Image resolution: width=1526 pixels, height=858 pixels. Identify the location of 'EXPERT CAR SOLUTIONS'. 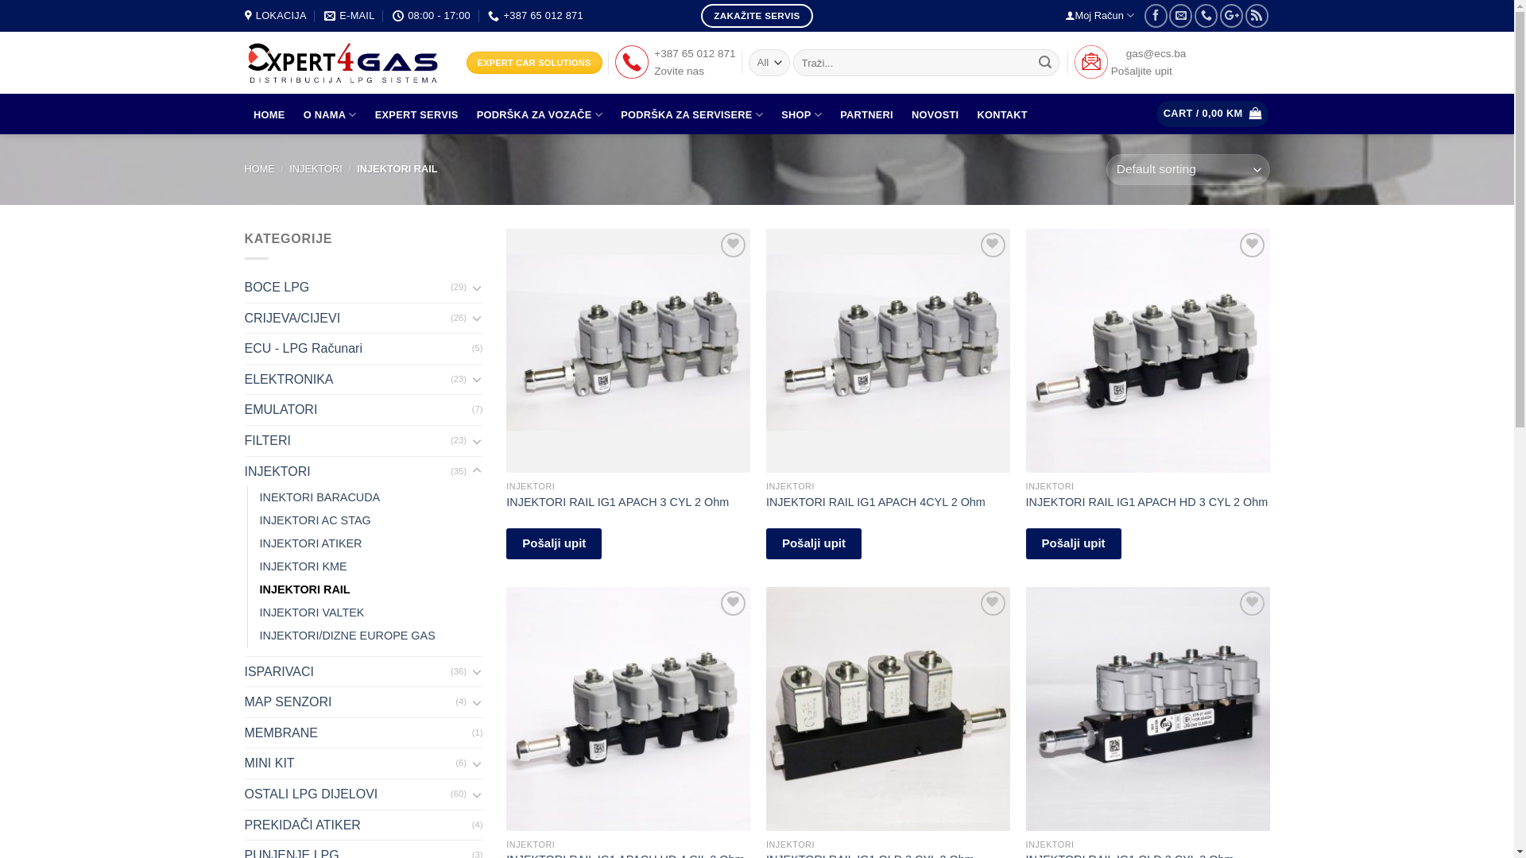
(533, 61).